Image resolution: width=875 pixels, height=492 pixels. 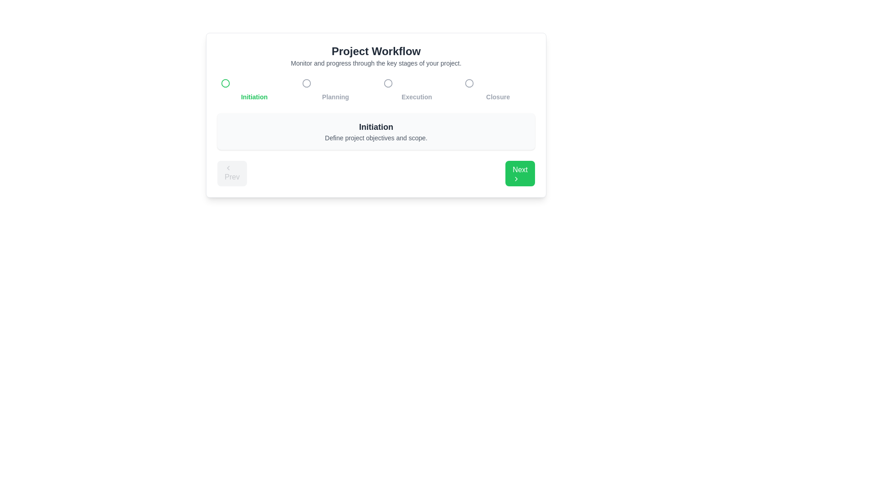 What do you see at coordinates (416, 89) in the screenshot?
I see `the milestone titled Execution by clicking on its title` at bounding box center [416, 89].